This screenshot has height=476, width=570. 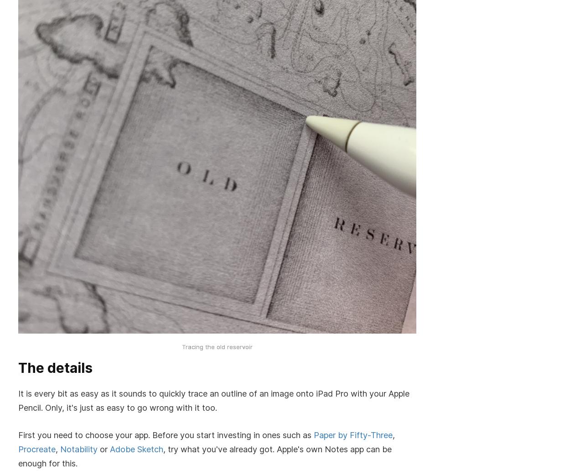 I want to click on ', try what you've already got. Apple's own Notes app can be enough for this.', so click(x=204, y=456).